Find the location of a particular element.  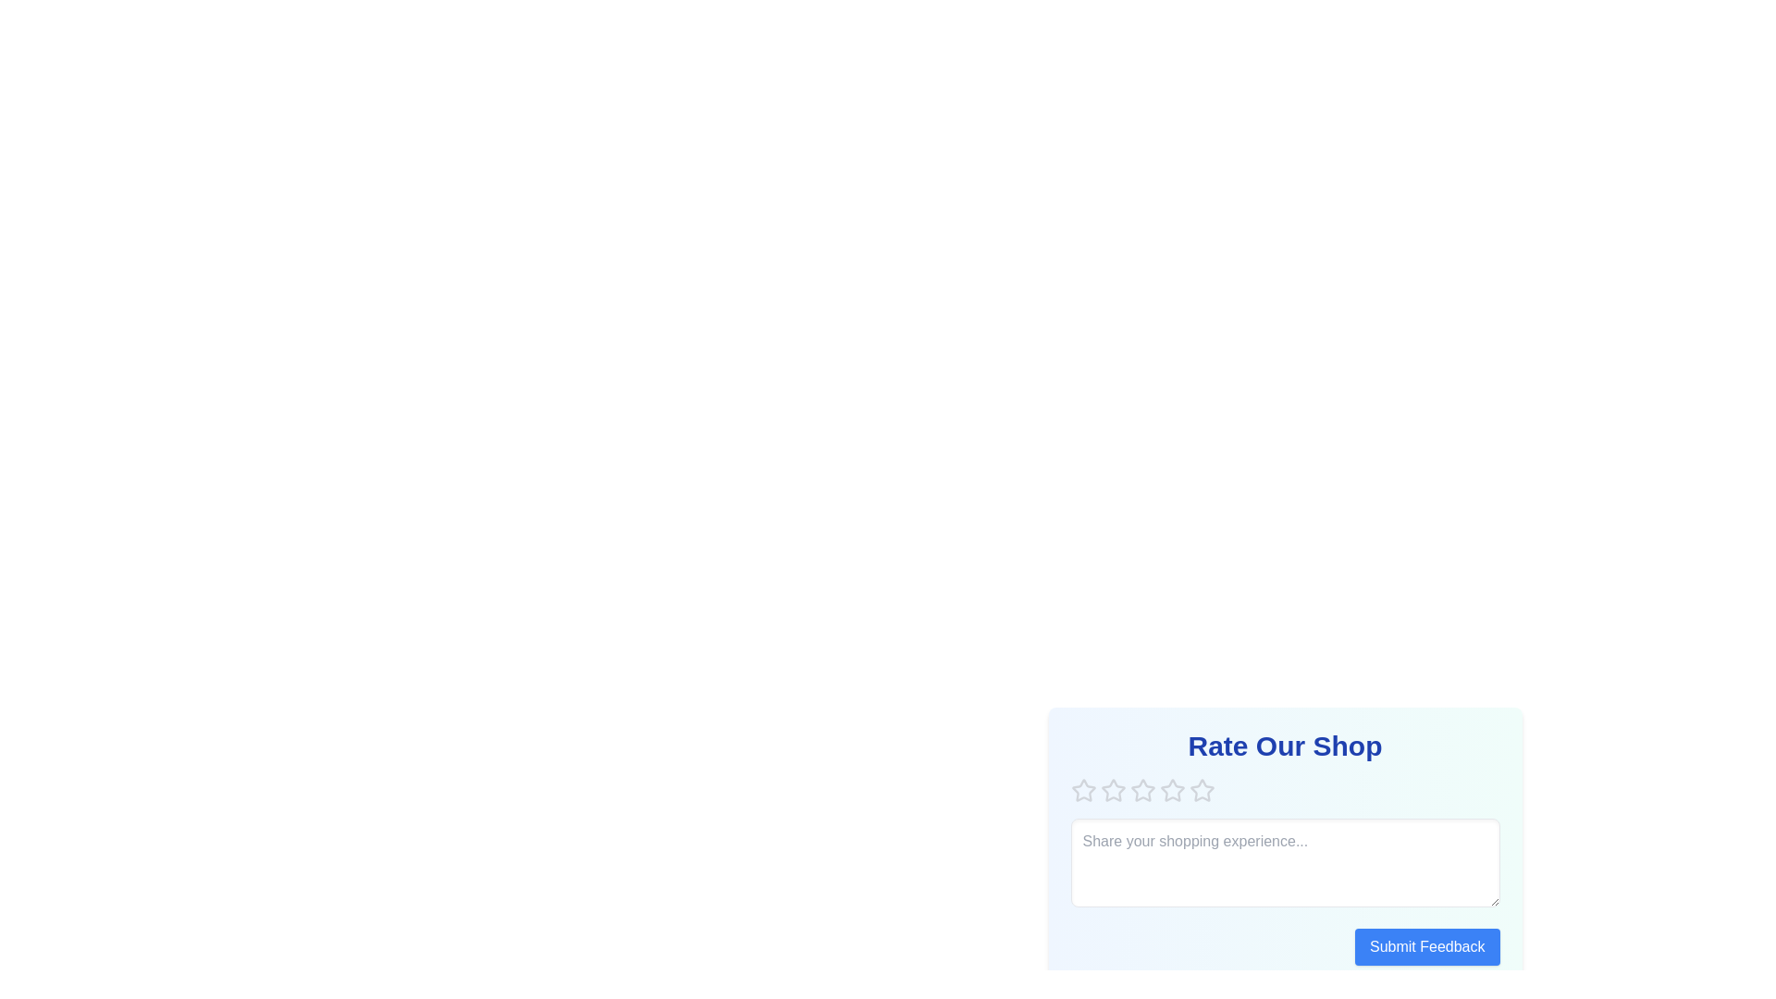

the star corresponding to 2 to preview the rating is located at coordinates (1112, 791).